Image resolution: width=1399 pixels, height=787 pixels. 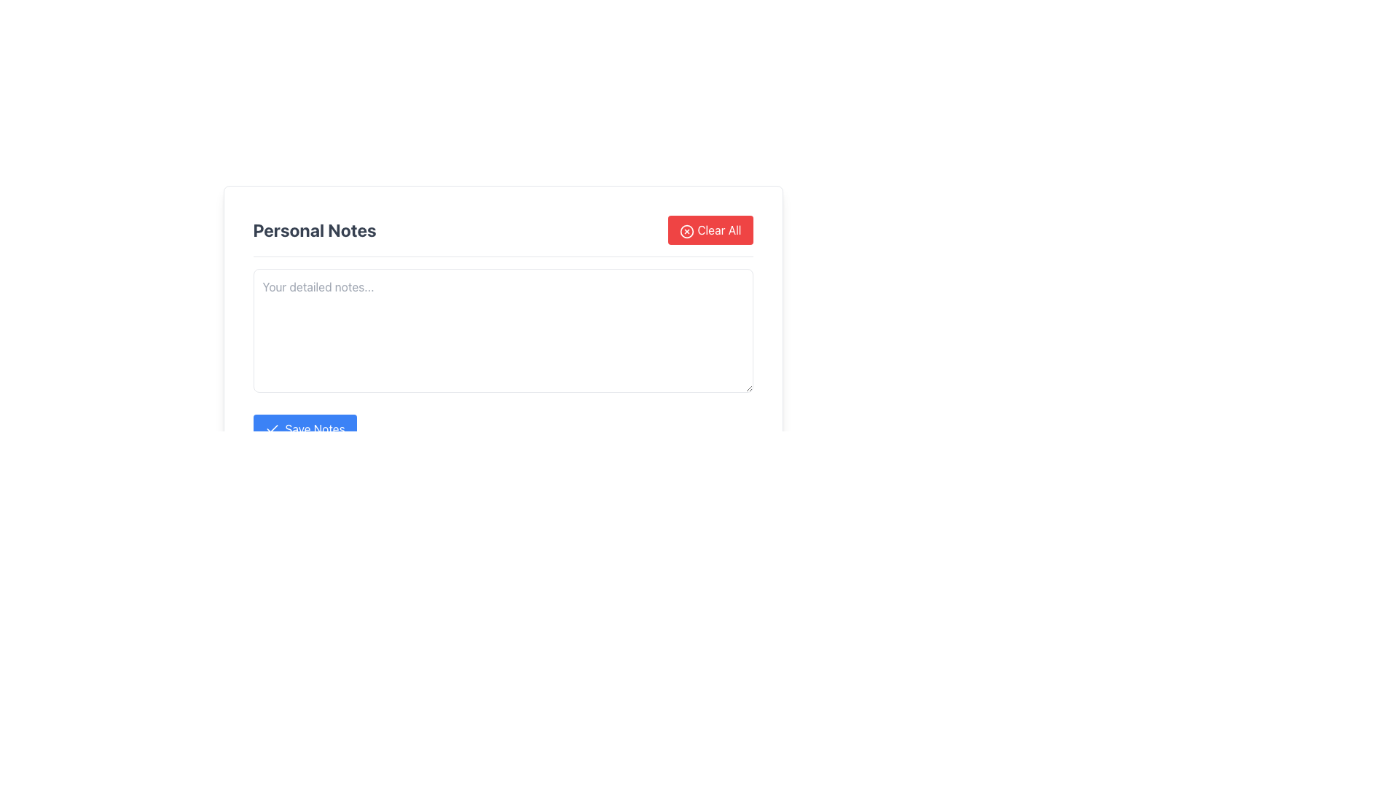 I want to click on the icon located inside the blue rectangular button labeled 'Save Notes', which visually indicates the action of saving notes, so click(x=272, y=428).